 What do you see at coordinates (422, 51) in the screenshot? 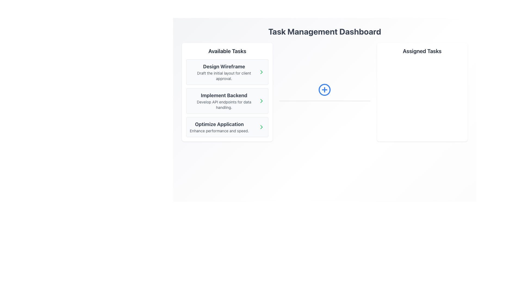
I see `the text label displaying 'Assigned Tasks', which is styled in bold, dark gray font and positioned at the top of the right-side card in the interface` at bounding box center [422, 51].